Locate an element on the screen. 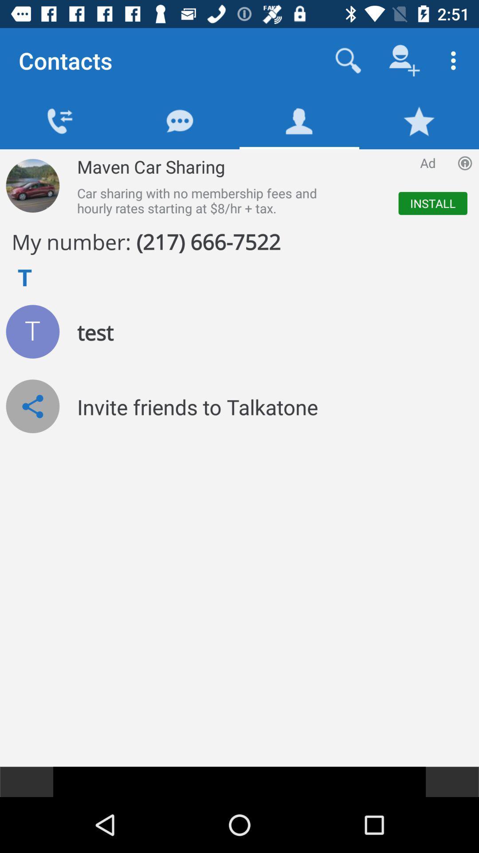 The width and height of the screenshot is (479, 853). the car image is located at coordinates (32, 185).